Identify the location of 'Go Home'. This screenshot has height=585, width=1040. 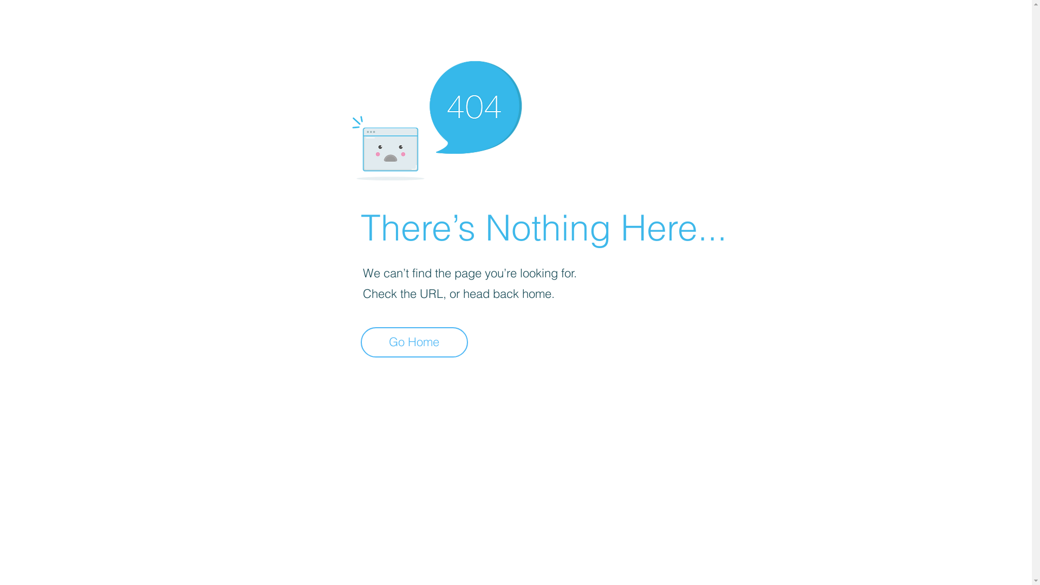
(413, 342).